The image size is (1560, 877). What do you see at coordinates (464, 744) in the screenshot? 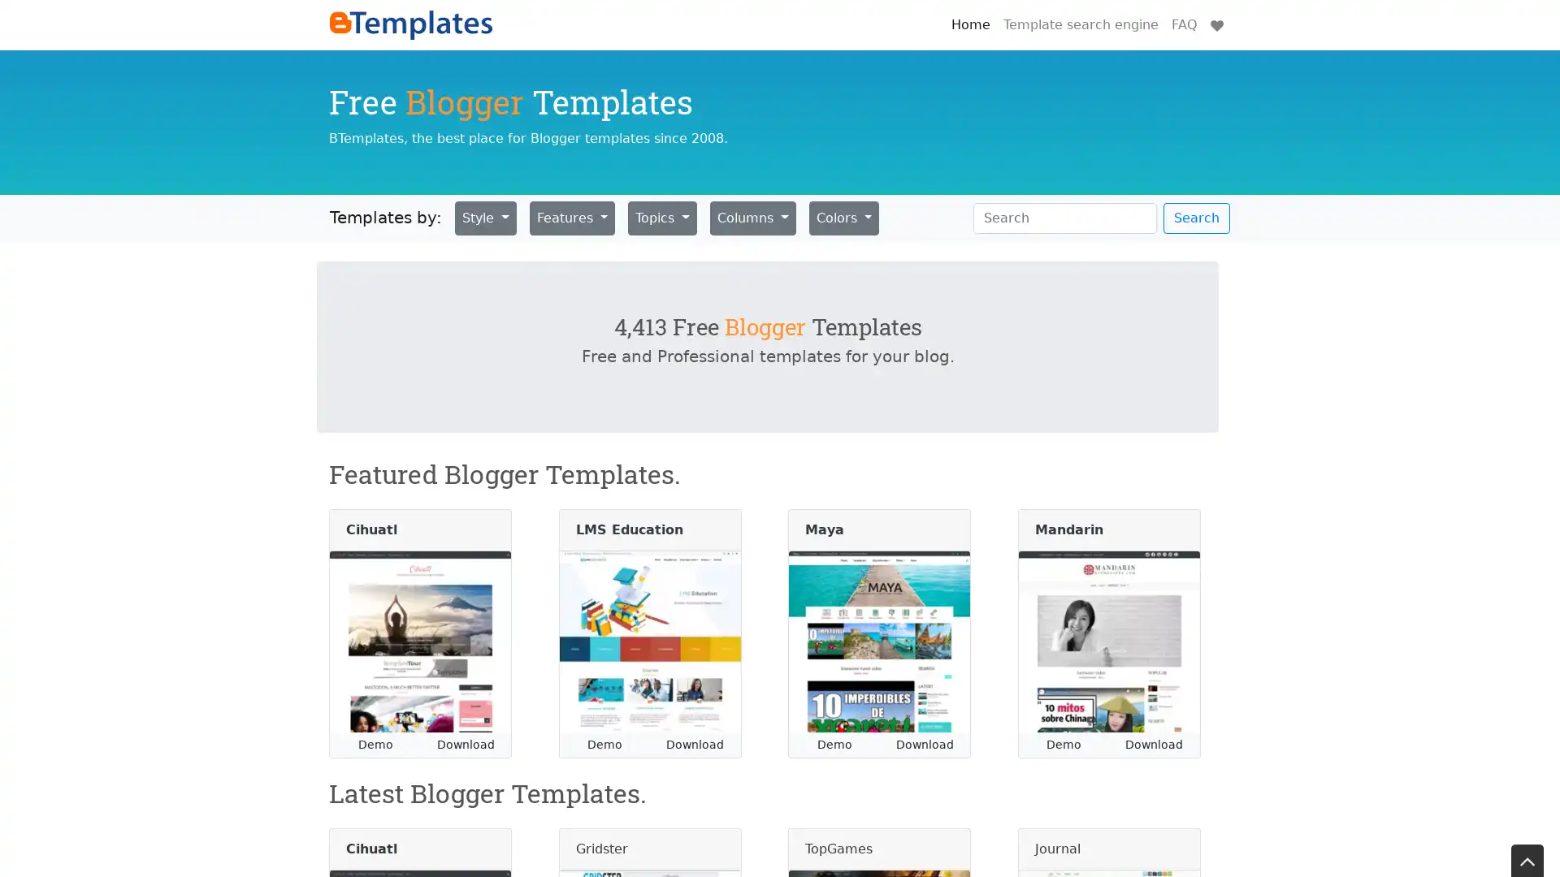
I see `Download` at bounding box center [464, 744].